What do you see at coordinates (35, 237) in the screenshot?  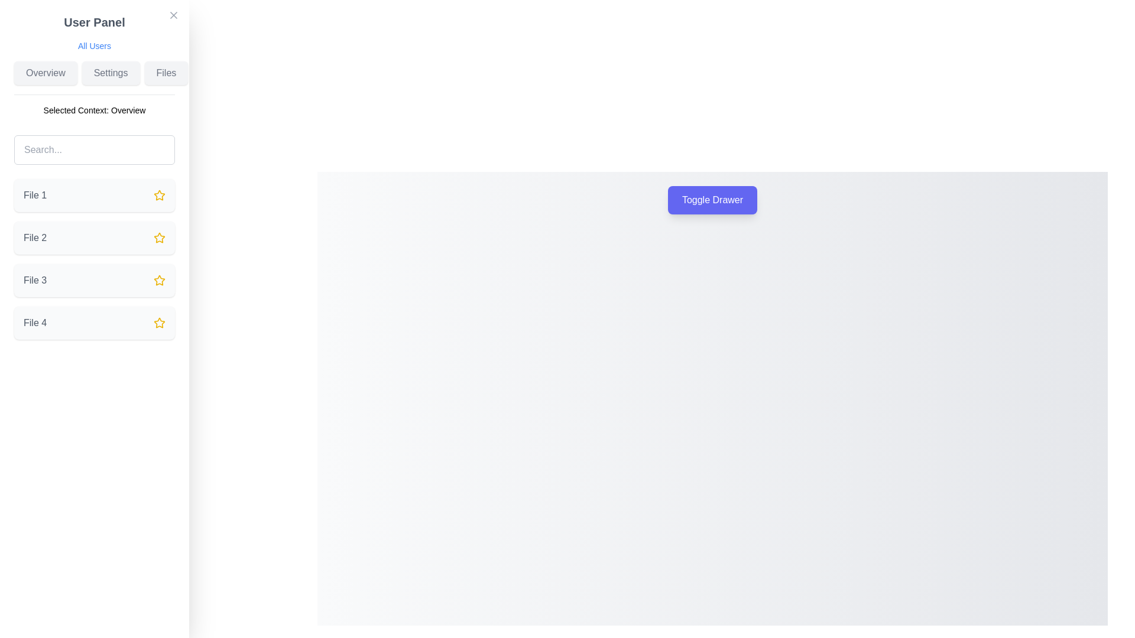 I see `the text label representing the second item in the list of files, located in the left-hand panel under 'Files'` at bounding box center [35, 237].